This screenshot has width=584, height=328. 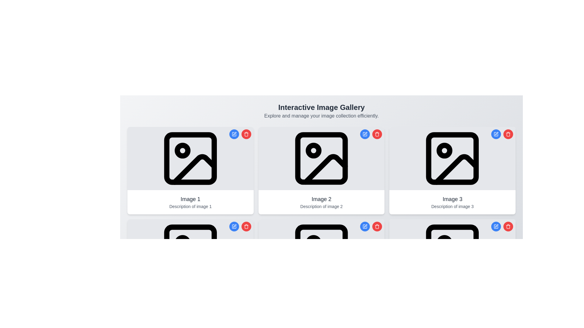 What do you see at coordinates (365, 133) in the screenshot?
I see `the Edit icon, represented by a pen inside a square, located near the top right corner of the box containing 'Image 2' to initiate the edit action` at bounding box center [365, 133].